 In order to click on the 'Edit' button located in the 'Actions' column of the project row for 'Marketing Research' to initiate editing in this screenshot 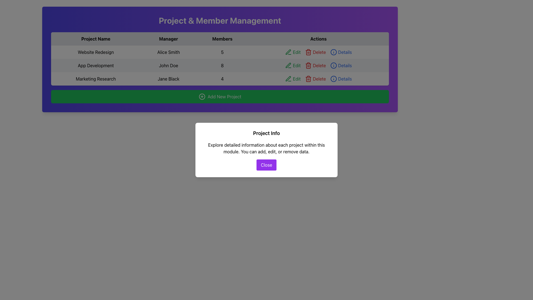, I will do `click(293, 79)`.